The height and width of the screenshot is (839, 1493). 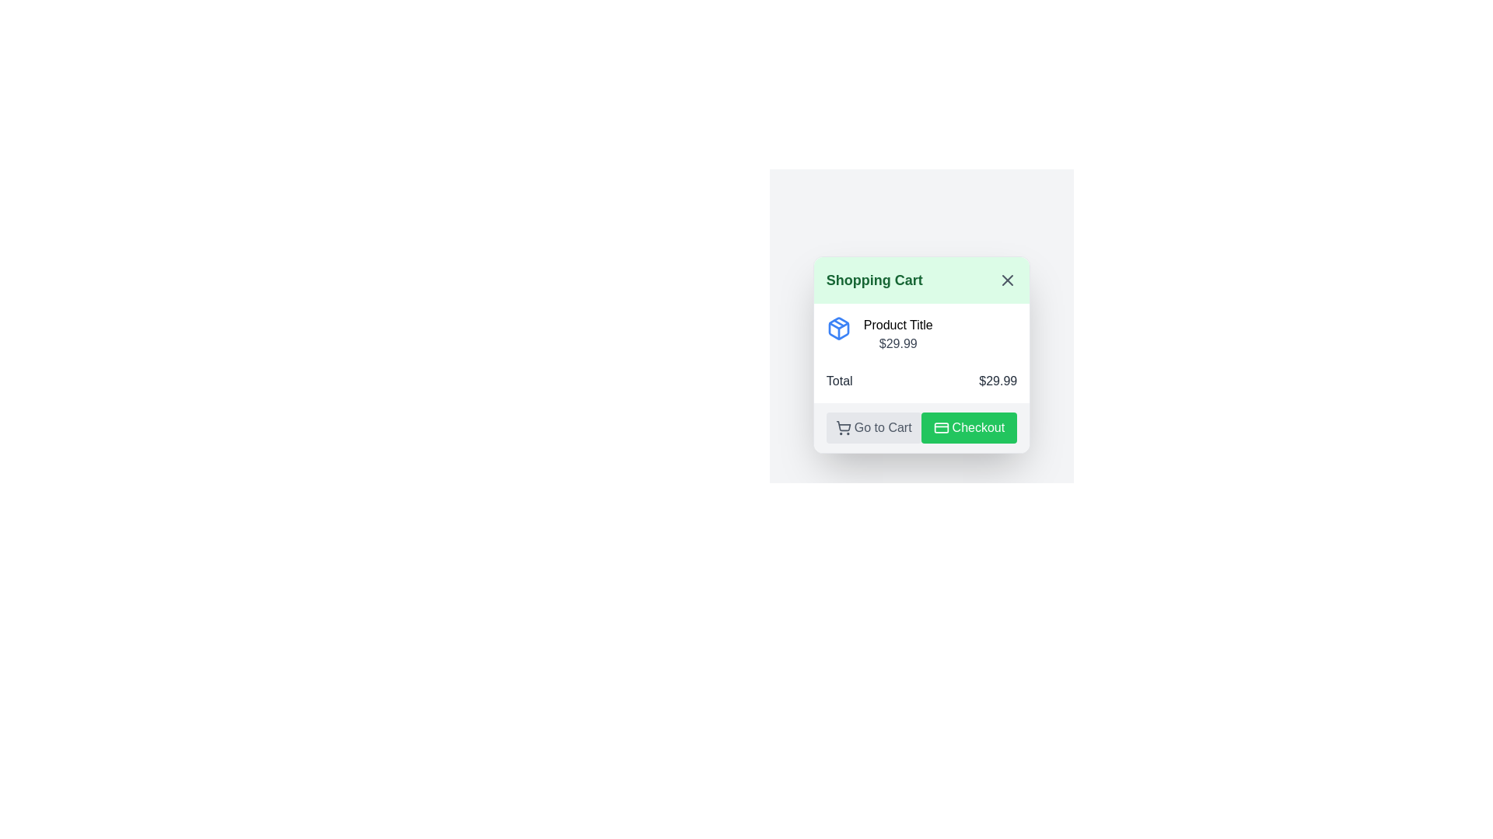 I want to click on the text label indicating the shopping cart section, positioned at the top-left of its green-bordered header, so click(x=874, y=280).